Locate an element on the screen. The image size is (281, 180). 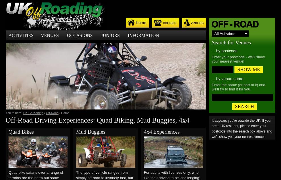
'venues' is located at coordinates (197, 23).